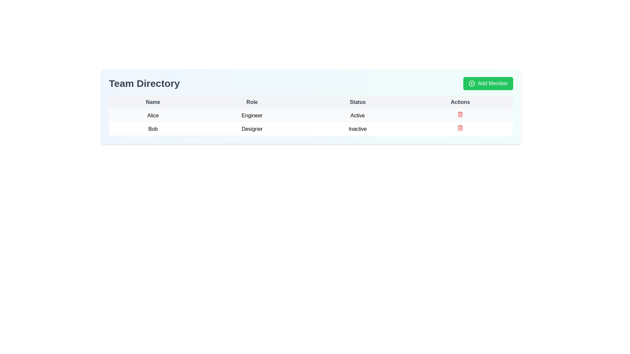  I want to click on the red trash bin icon button located at the far right of the row containing 'Bob' and 'Inactive' in the 'Actions' column, so click(460, 129).